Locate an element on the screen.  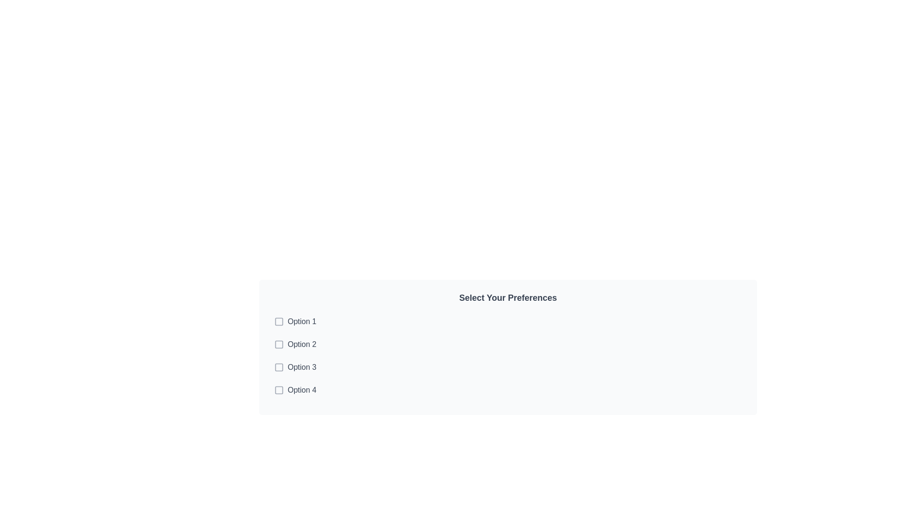
the checkbox for Option 1 to observe its hover effect is located at coordinates (507, 321).